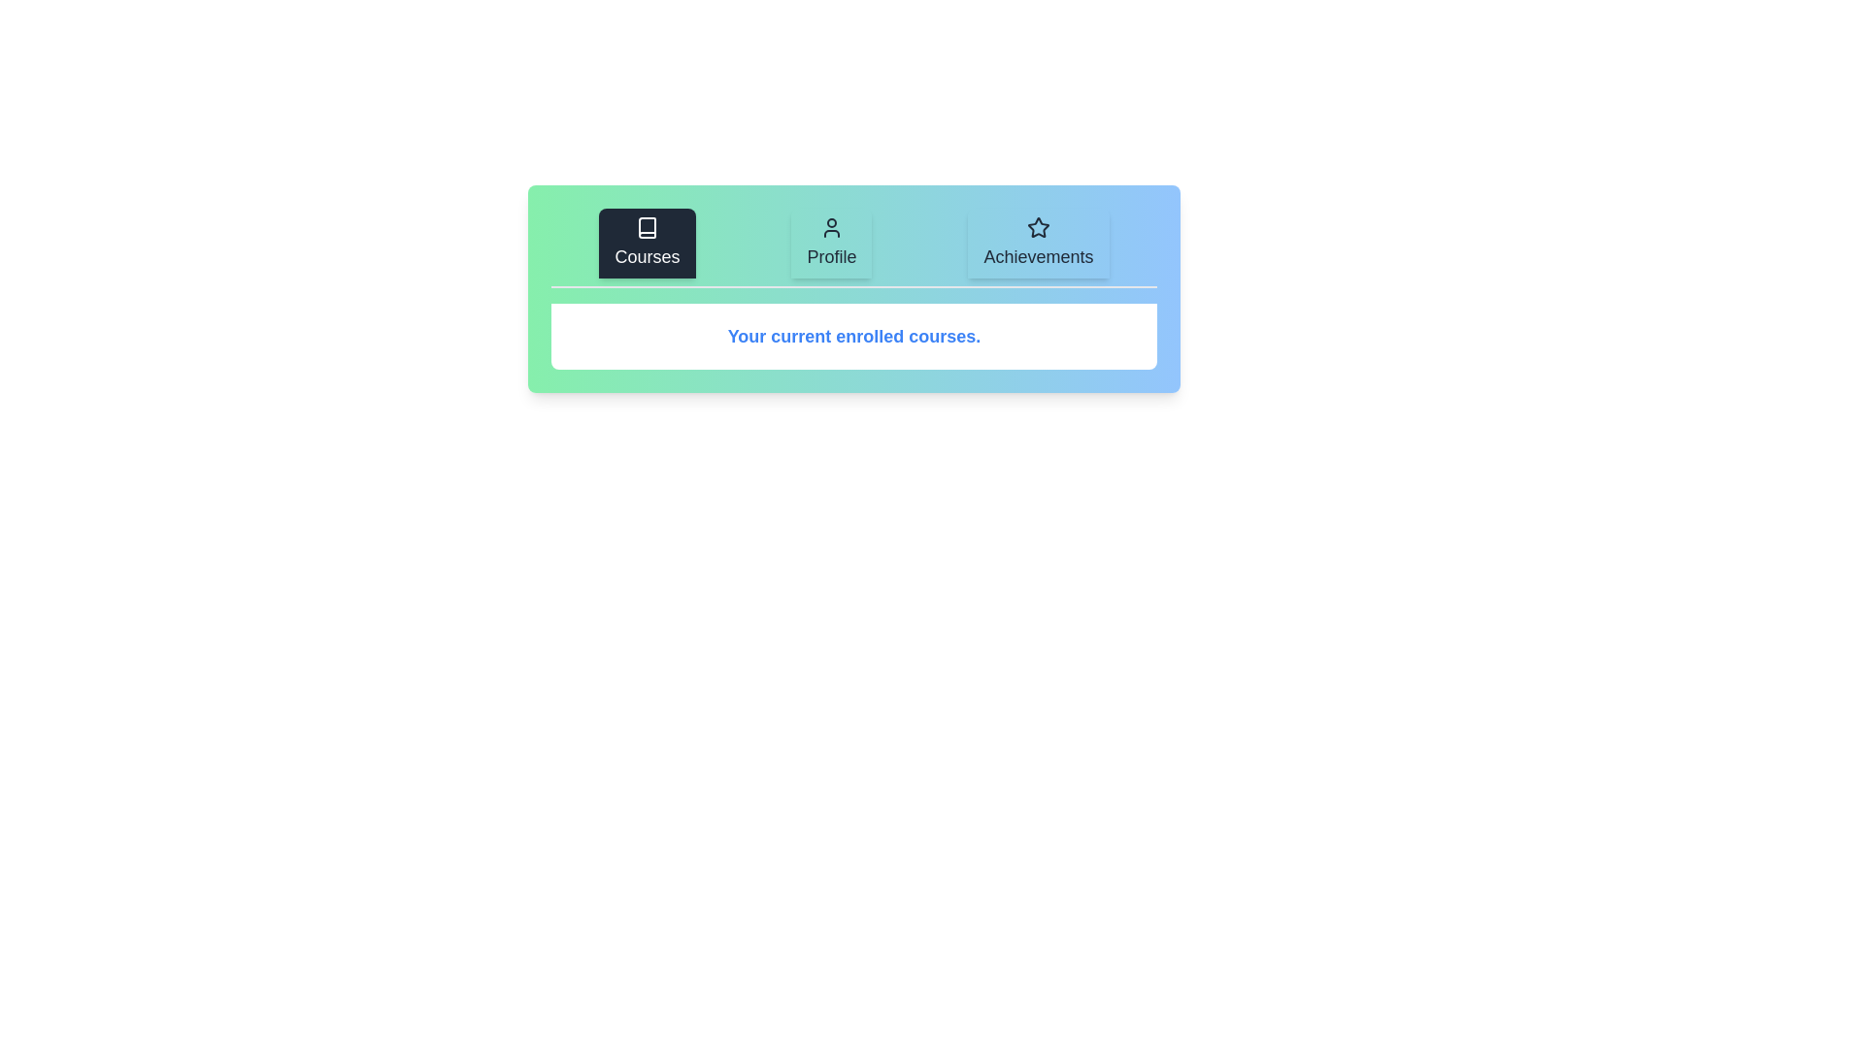  Describe the element at coordinates (1038, 242) in the screenshot. I see `the tab labeled Achievements to observe its hover effect` at that location.